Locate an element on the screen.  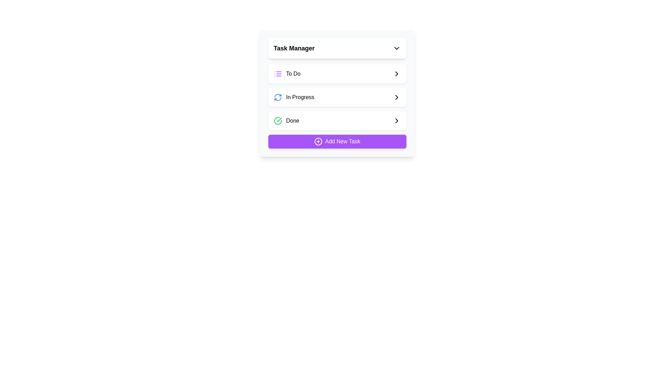
the circular icon with a green outline and a checkmark in its center, located in the 'Done' section of the task management interface is located at coordinates (278, 121).